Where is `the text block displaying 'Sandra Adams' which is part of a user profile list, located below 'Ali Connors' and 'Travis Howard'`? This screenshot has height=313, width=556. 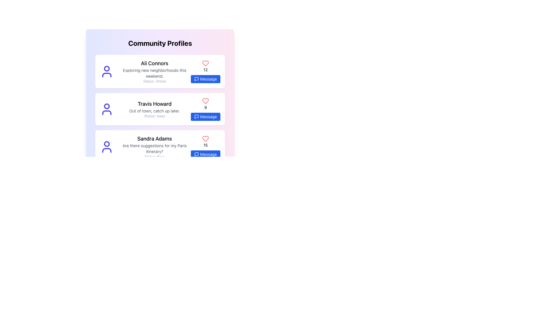 the text block displaying 'Sandra Adams' which is part of a user profile list, located below 'Ali Connors' and 'Travis Howard' is located at coordinates (154, 146).